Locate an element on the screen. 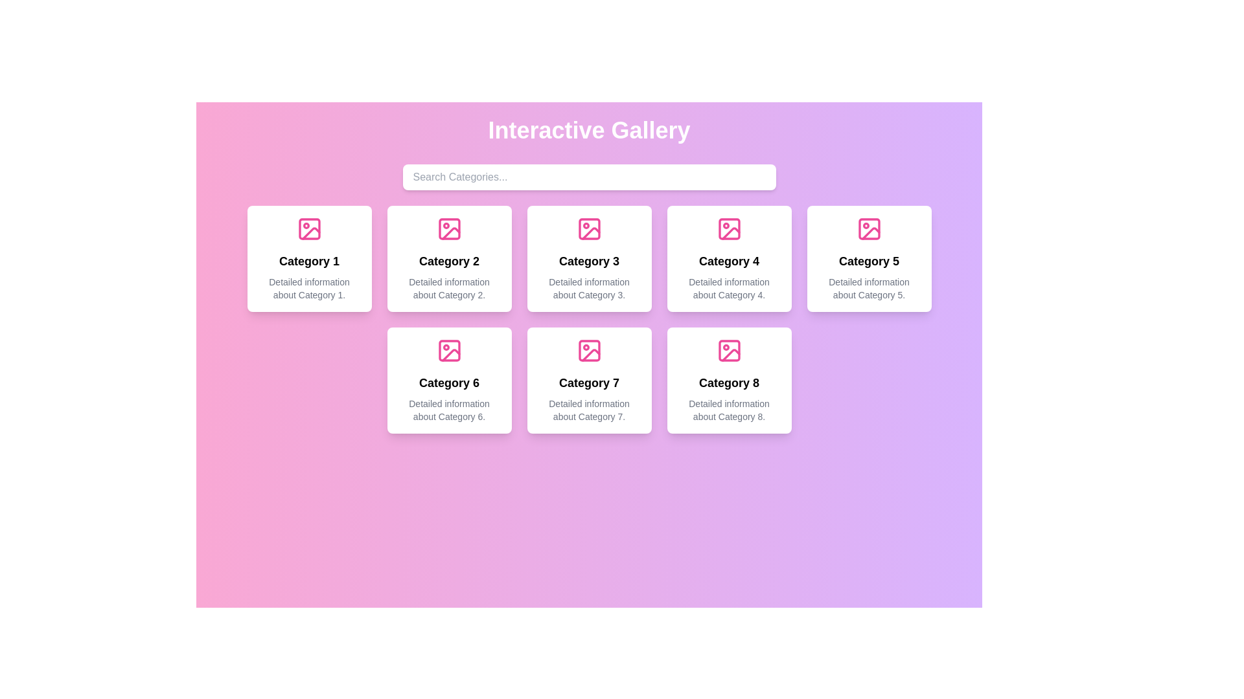 The width and height of the screenshot is (1244, 699). the clickable card representing 'Category 1' in the top-left corner of the grid within the 'Interactive Gallery.' is located at coordinates (308, 259).